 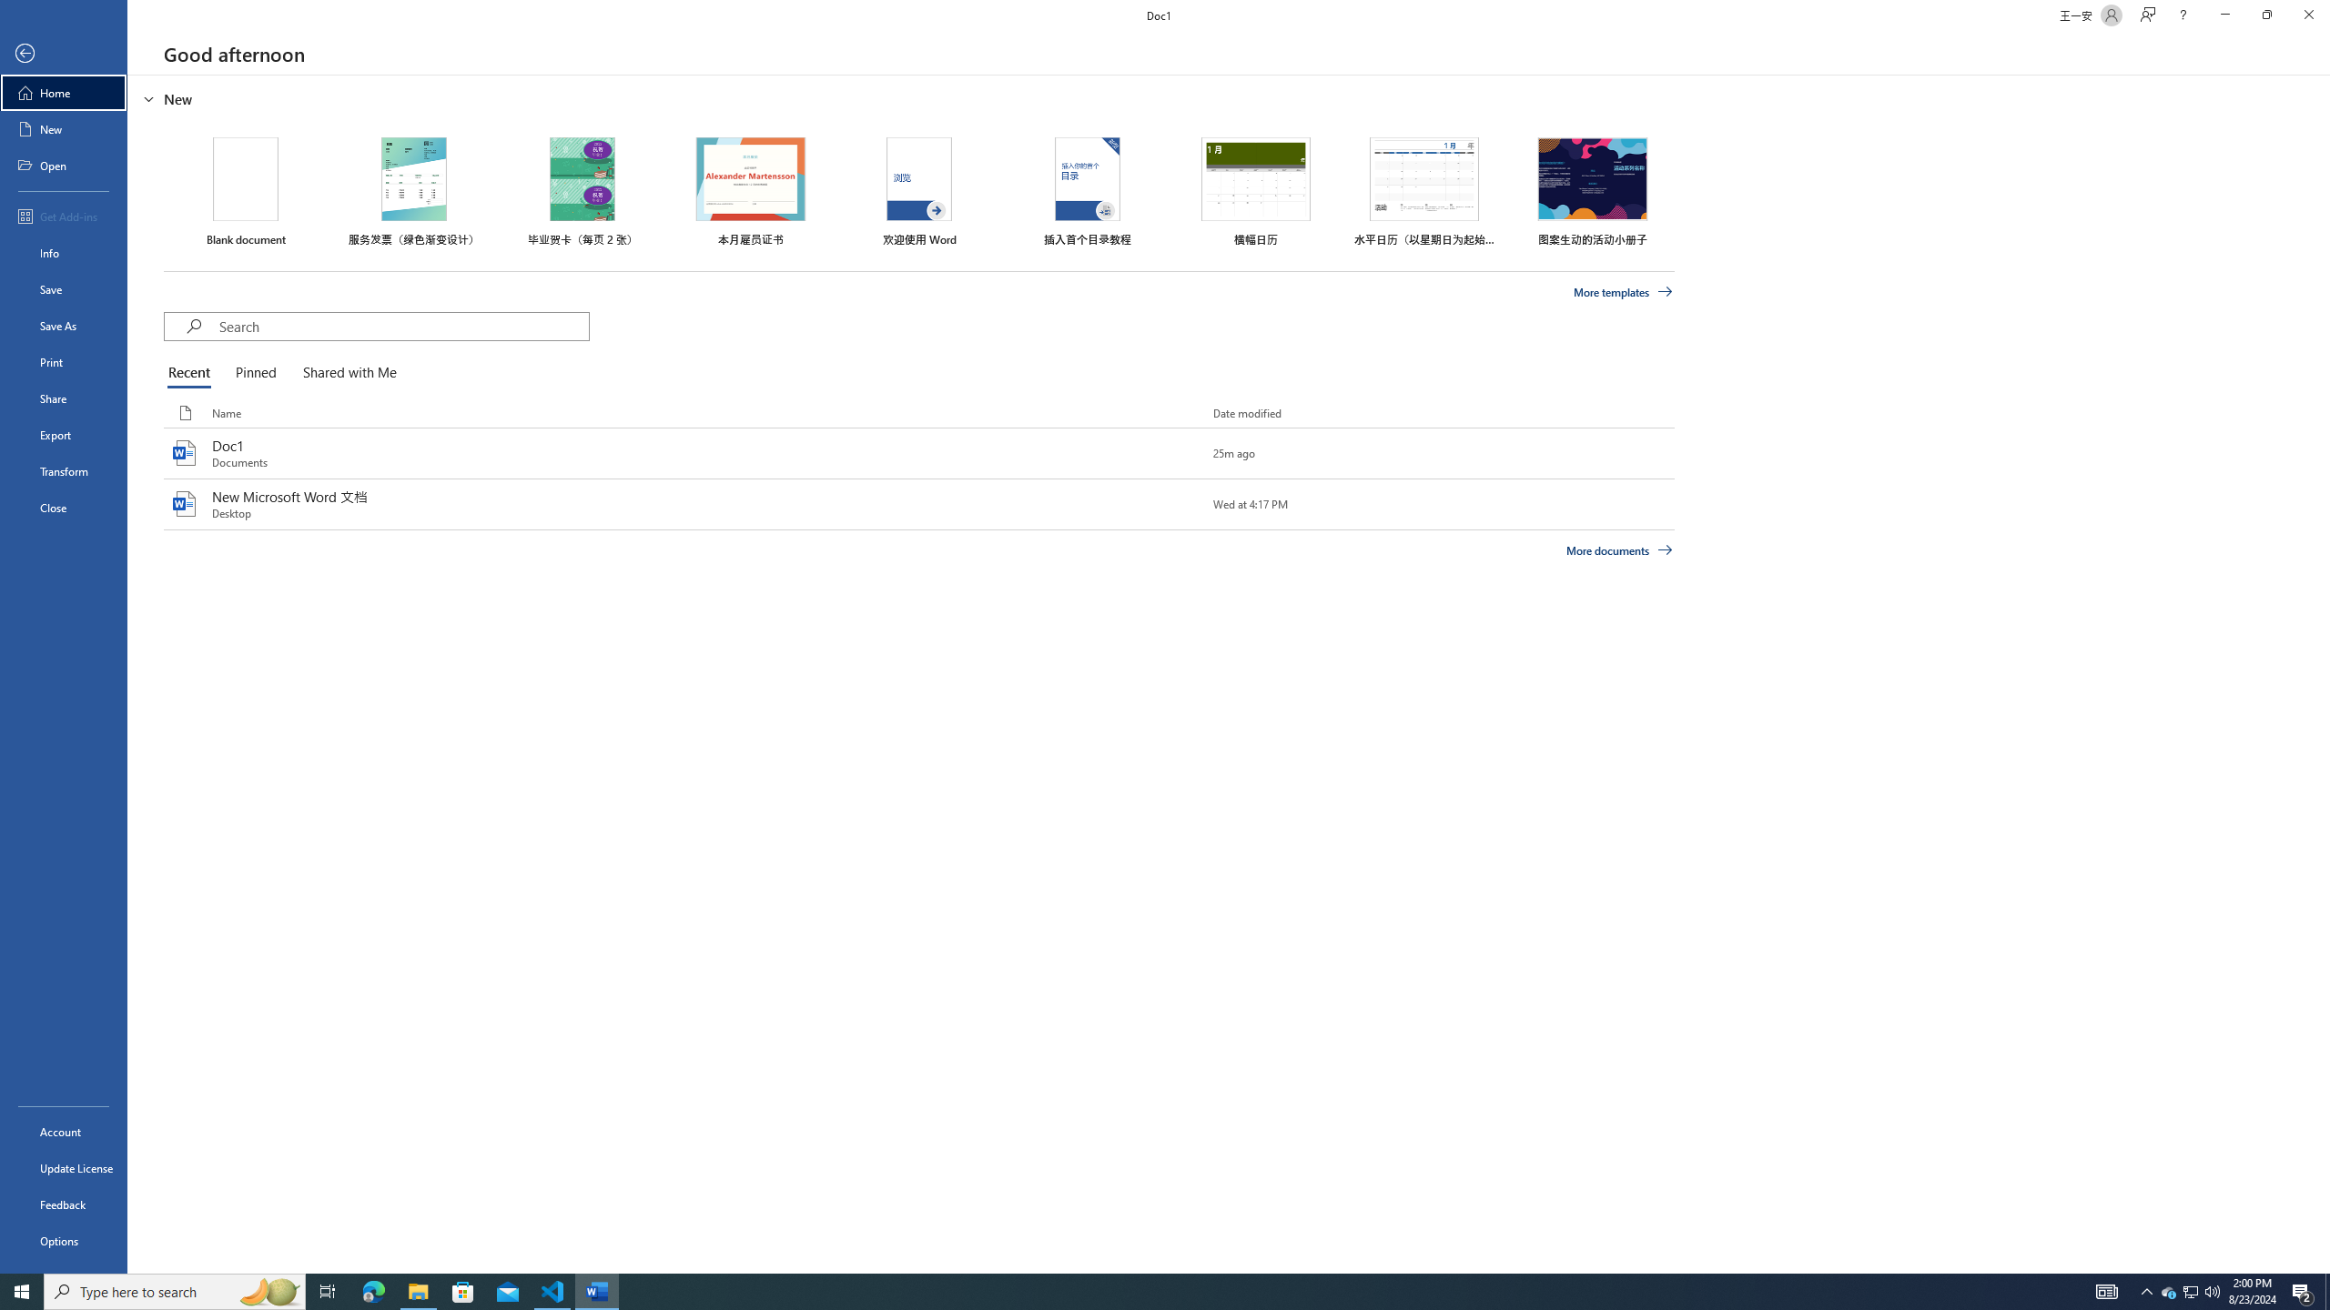 I want to click on 'Feedback', so click(x=63, y=1204).